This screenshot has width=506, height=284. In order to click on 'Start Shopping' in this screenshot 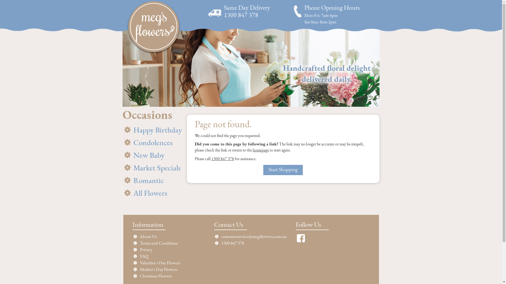, I will do `click(283, 170)`.